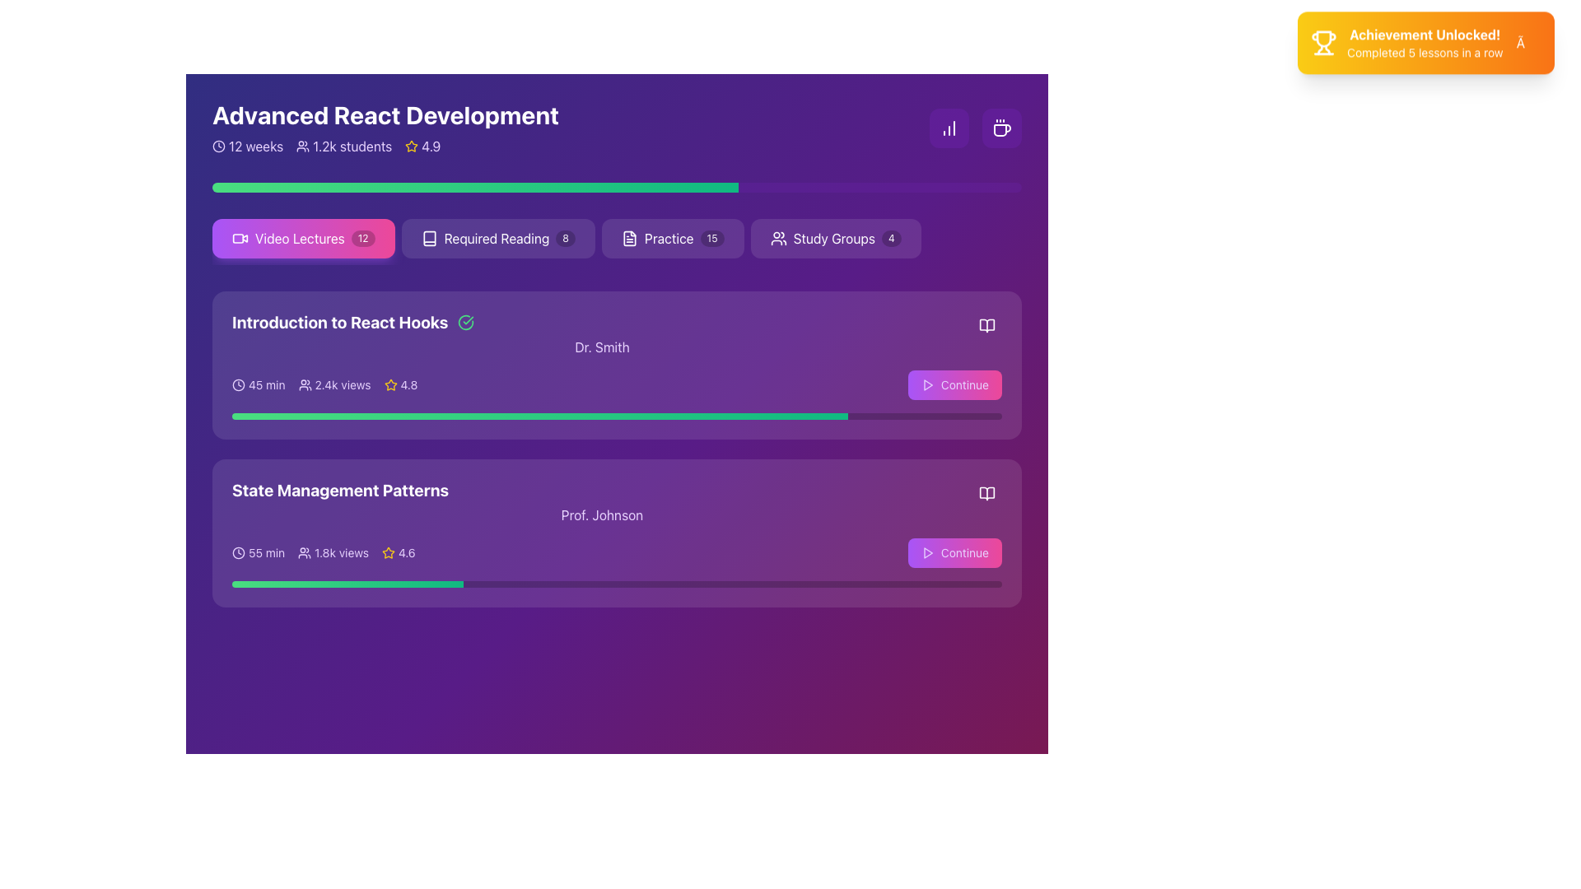 Image resolution: width=1581 pixels, height=889 pixels. What do you see at coordinates (1424, 58) in the screenshot?
I see `the text label that indicates the user has completed 5 consecutive lessons, located within the notification card in the top-right corner below the 'Achievement Unlocked!' header` at bounding box center [1424, 58].